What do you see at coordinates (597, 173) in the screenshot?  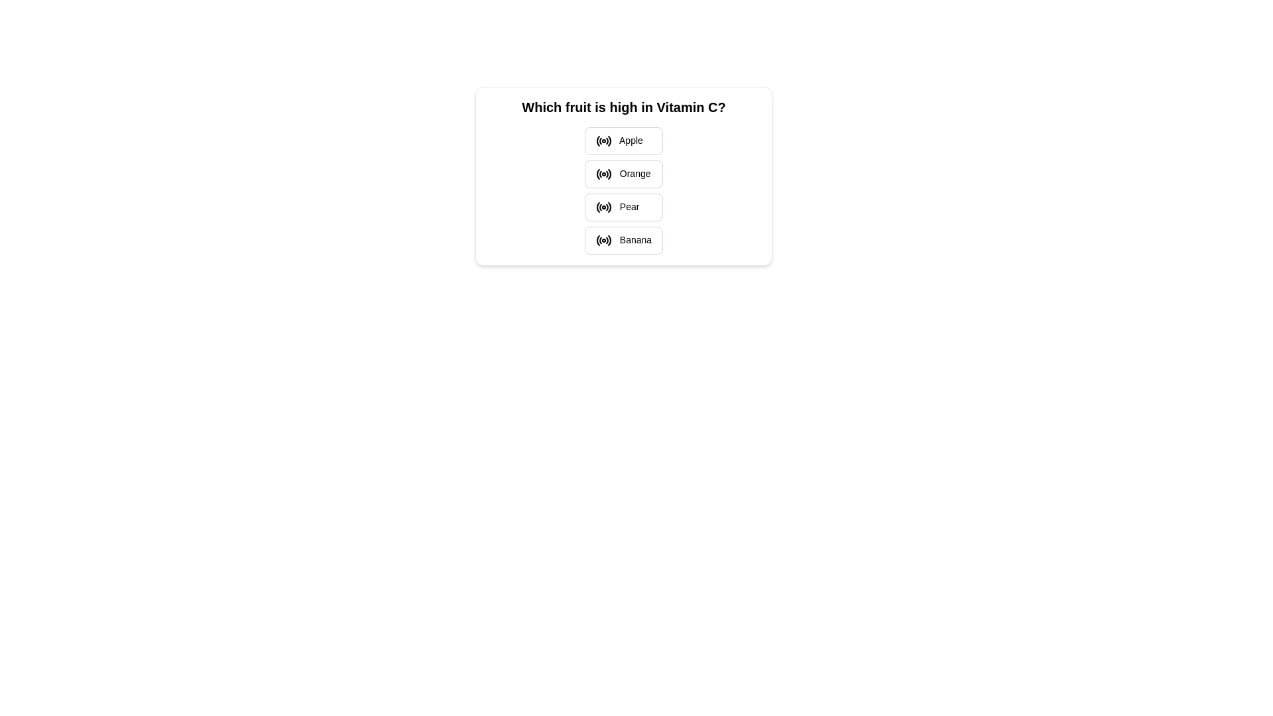 I see `the first curved line segment of the circular series in the SVG graphic, which is adjacent to the 'Orange' text in the second option of the vertical list in the questionnaire layout` at bounding box center [597, 173].